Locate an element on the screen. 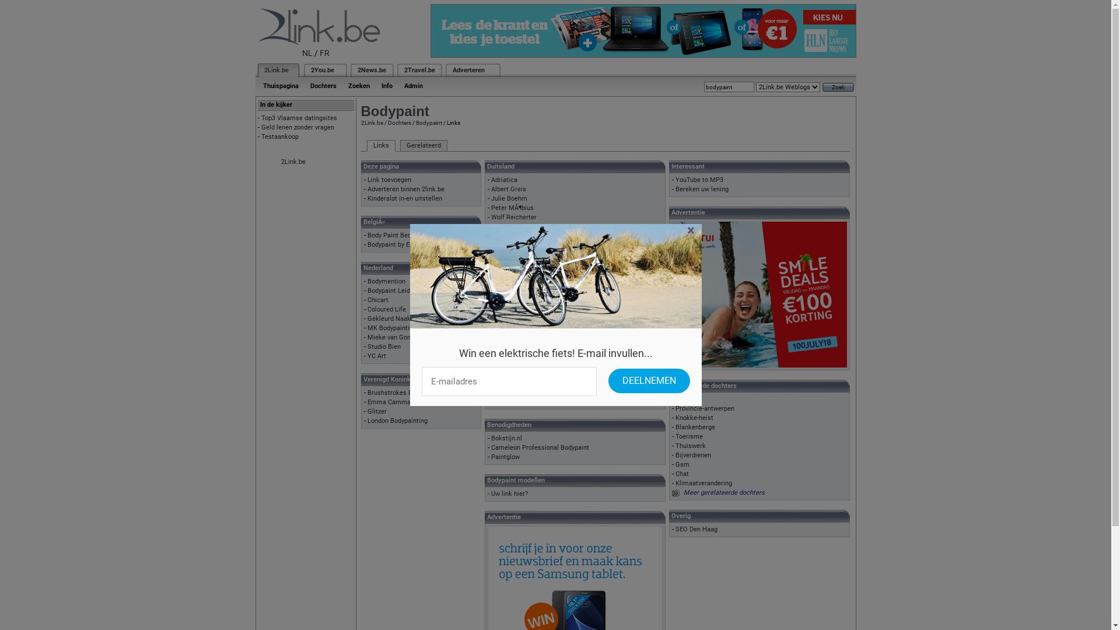 The height and width of the screenshot is (630, 1120). 'Gekleurd Naakt' is located at coordinates (390, 318).